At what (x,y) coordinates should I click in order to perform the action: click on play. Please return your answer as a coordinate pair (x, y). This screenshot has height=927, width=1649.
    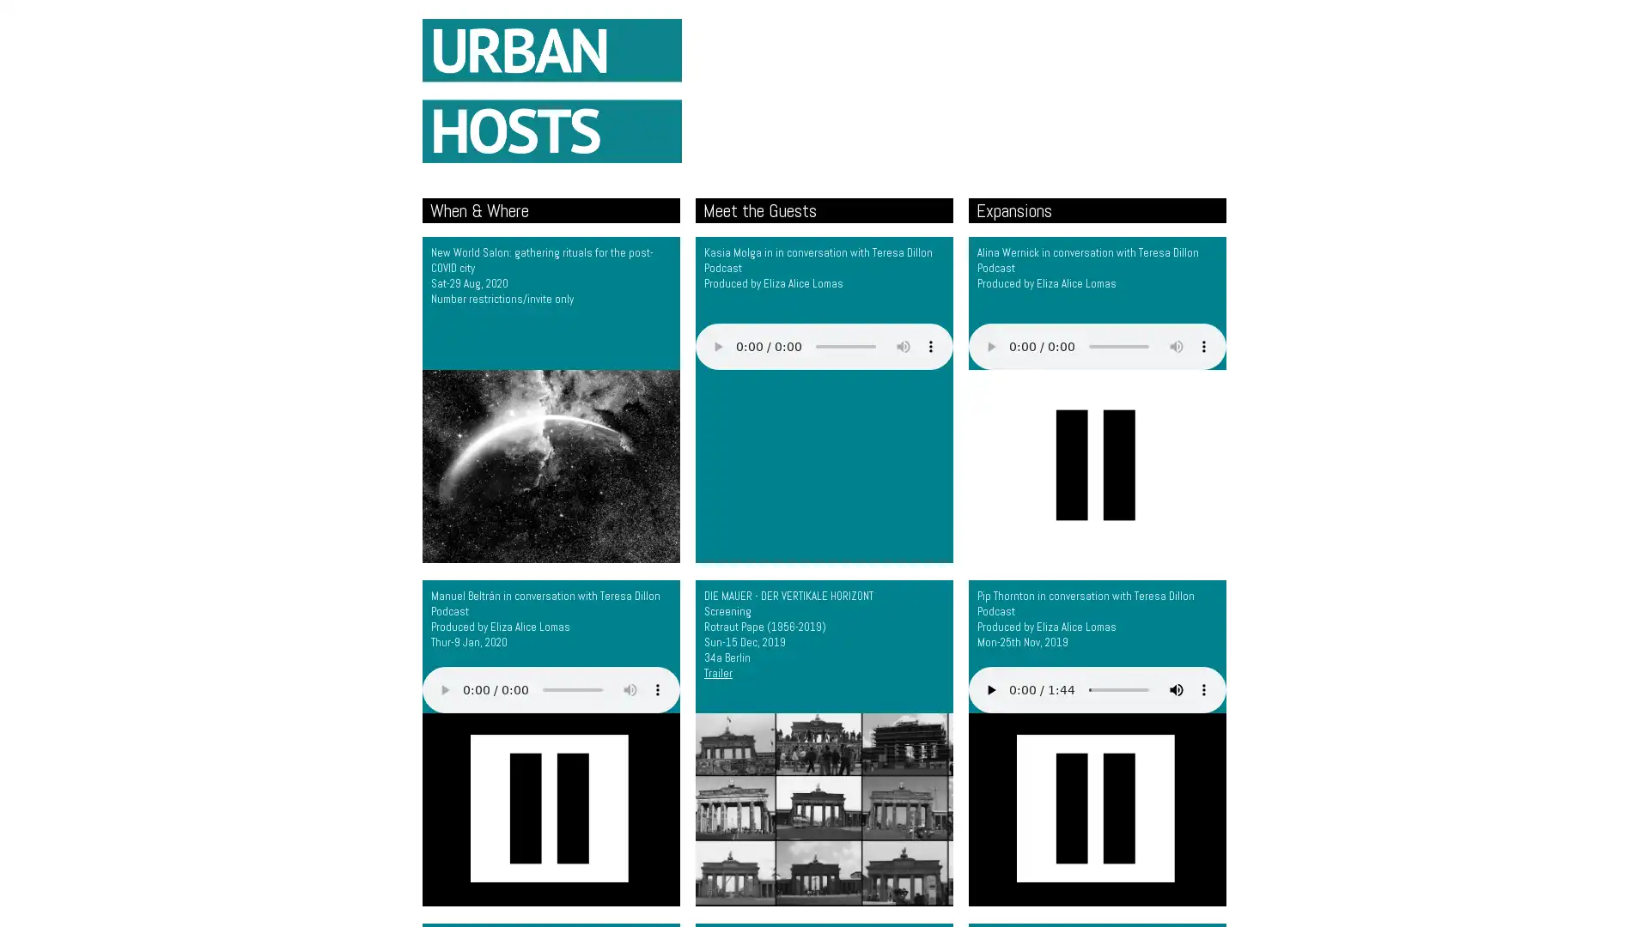
    Looking at the image, I should click on (990, 688).